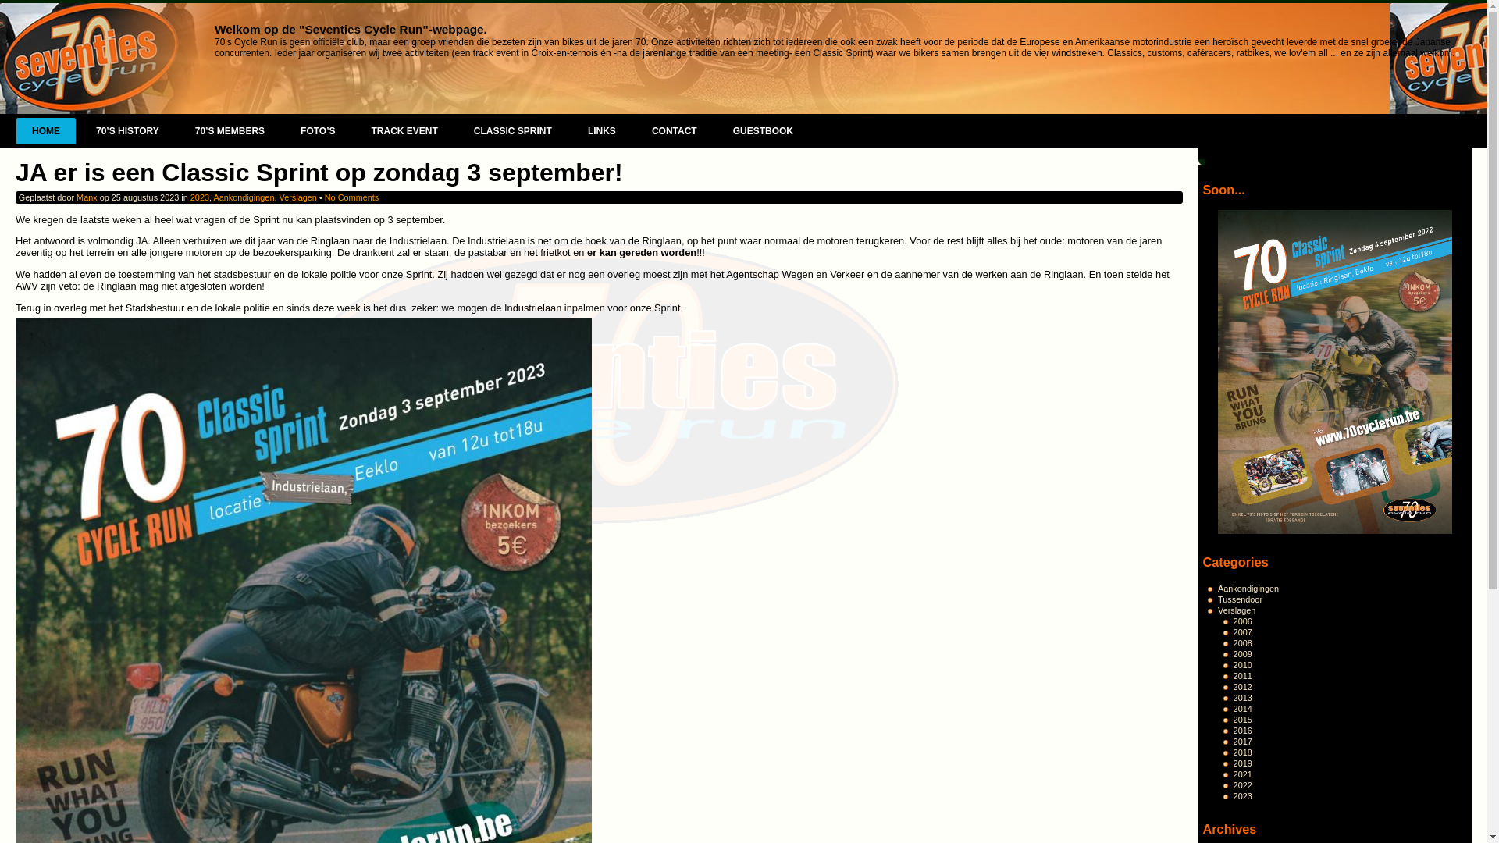 The height and width of the screenshot is (843, 1499). I want to click on '2009', so click(1242, 653).